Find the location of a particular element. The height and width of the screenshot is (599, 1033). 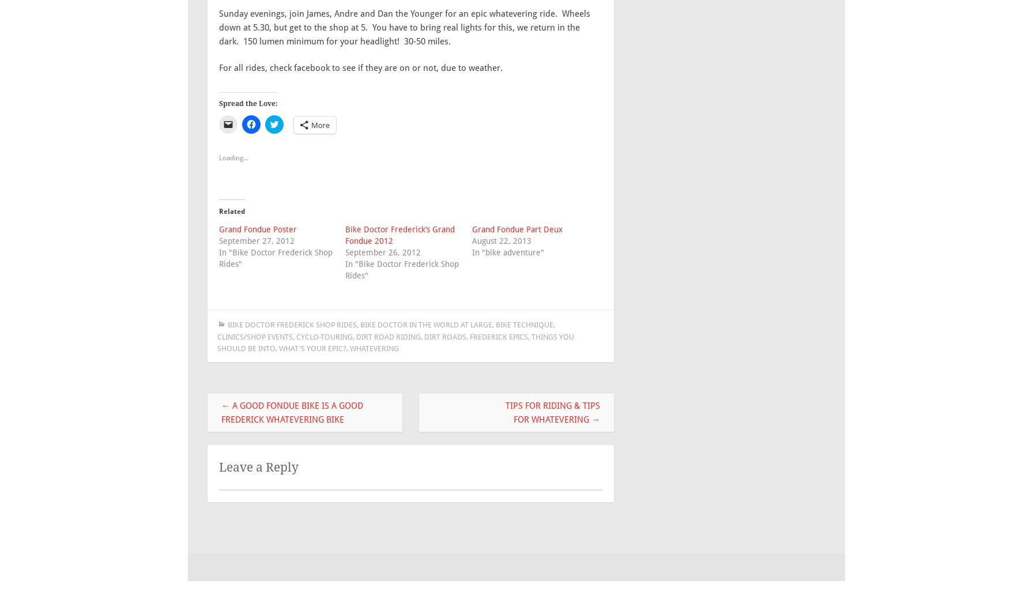

'Bike Doctor Frederick Shop Rides' is located at coordinates (292, 325).